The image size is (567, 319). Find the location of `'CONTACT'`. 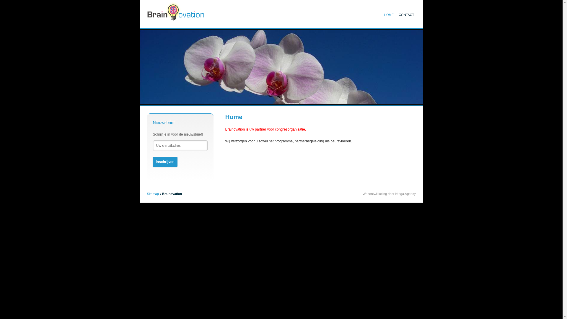

'CONTACT' is located at coordinates (405, 14).